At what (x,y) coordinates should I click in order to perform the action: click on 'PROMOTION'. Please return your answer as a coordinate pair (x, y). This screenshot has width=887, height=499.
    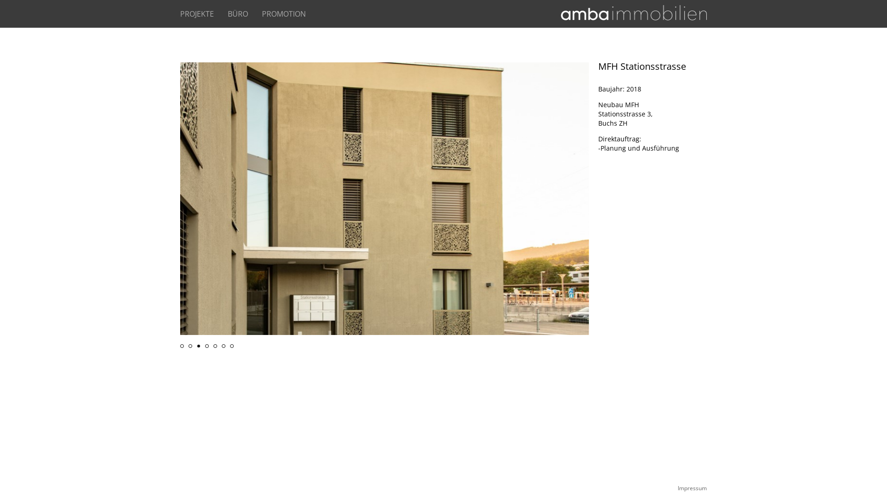
    Looking at the image, I should click on (290, 14).